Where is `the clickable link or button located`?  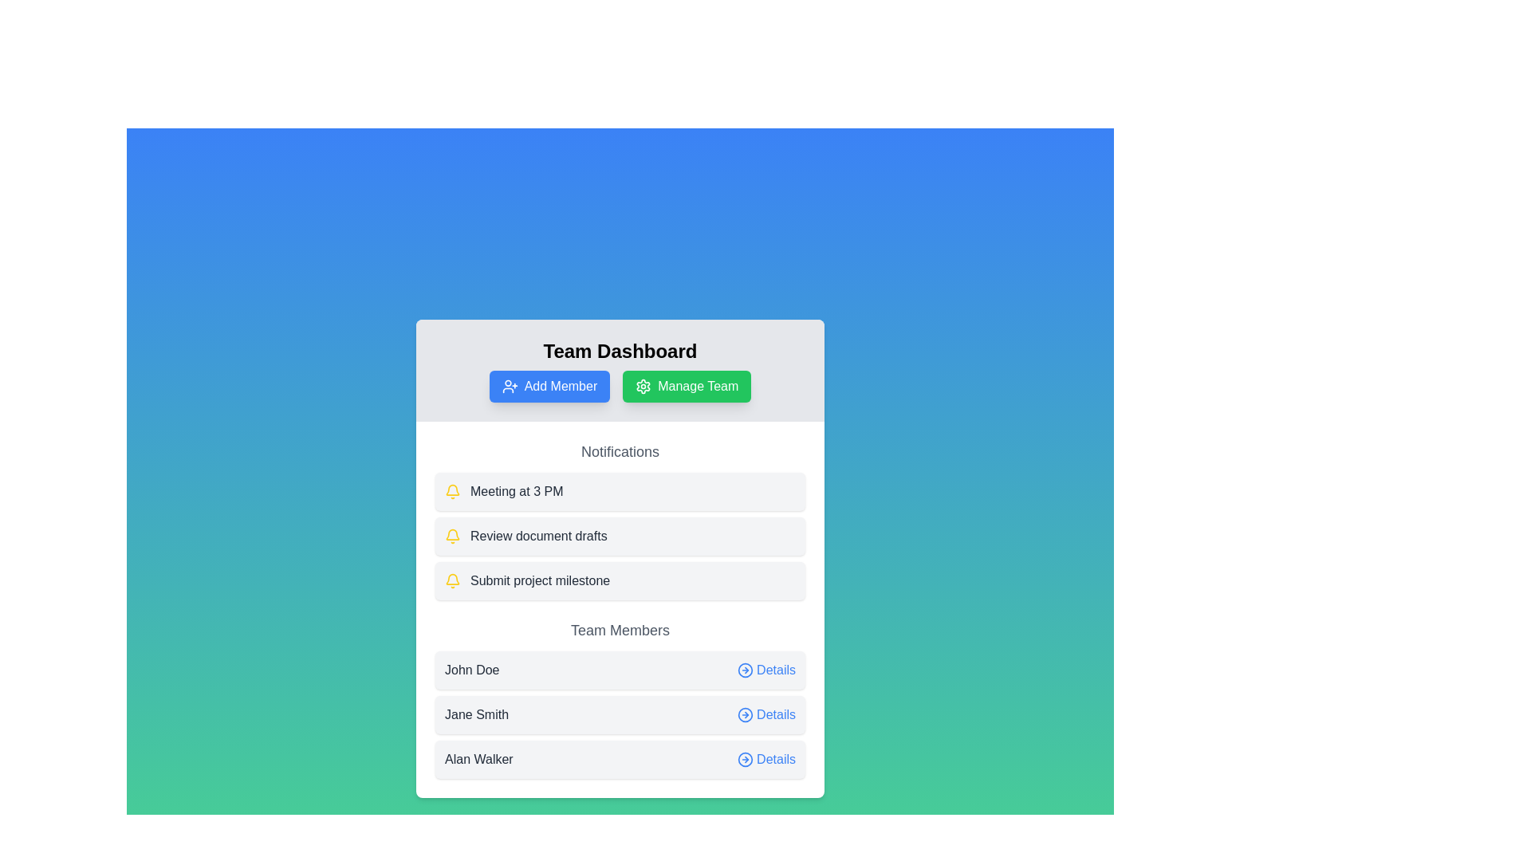 the clickable link or button located is located at coordinates (766, 670).